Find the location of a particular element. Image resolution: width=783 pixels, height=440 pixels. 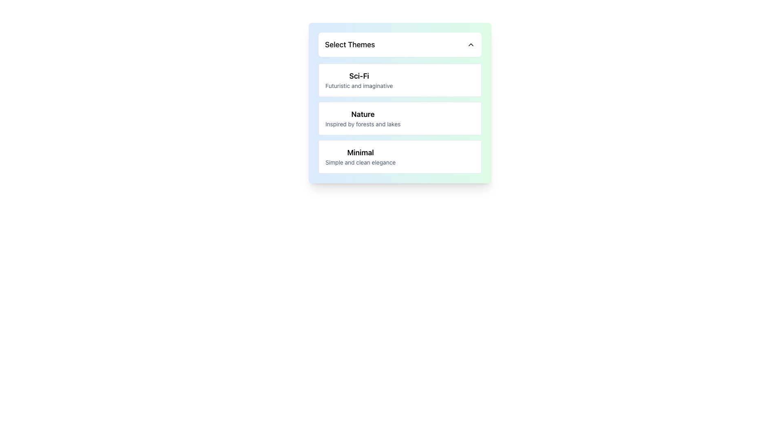

the topmost interactive list item labeled 'Sci-Fi' is located at coordinates (359, 80).